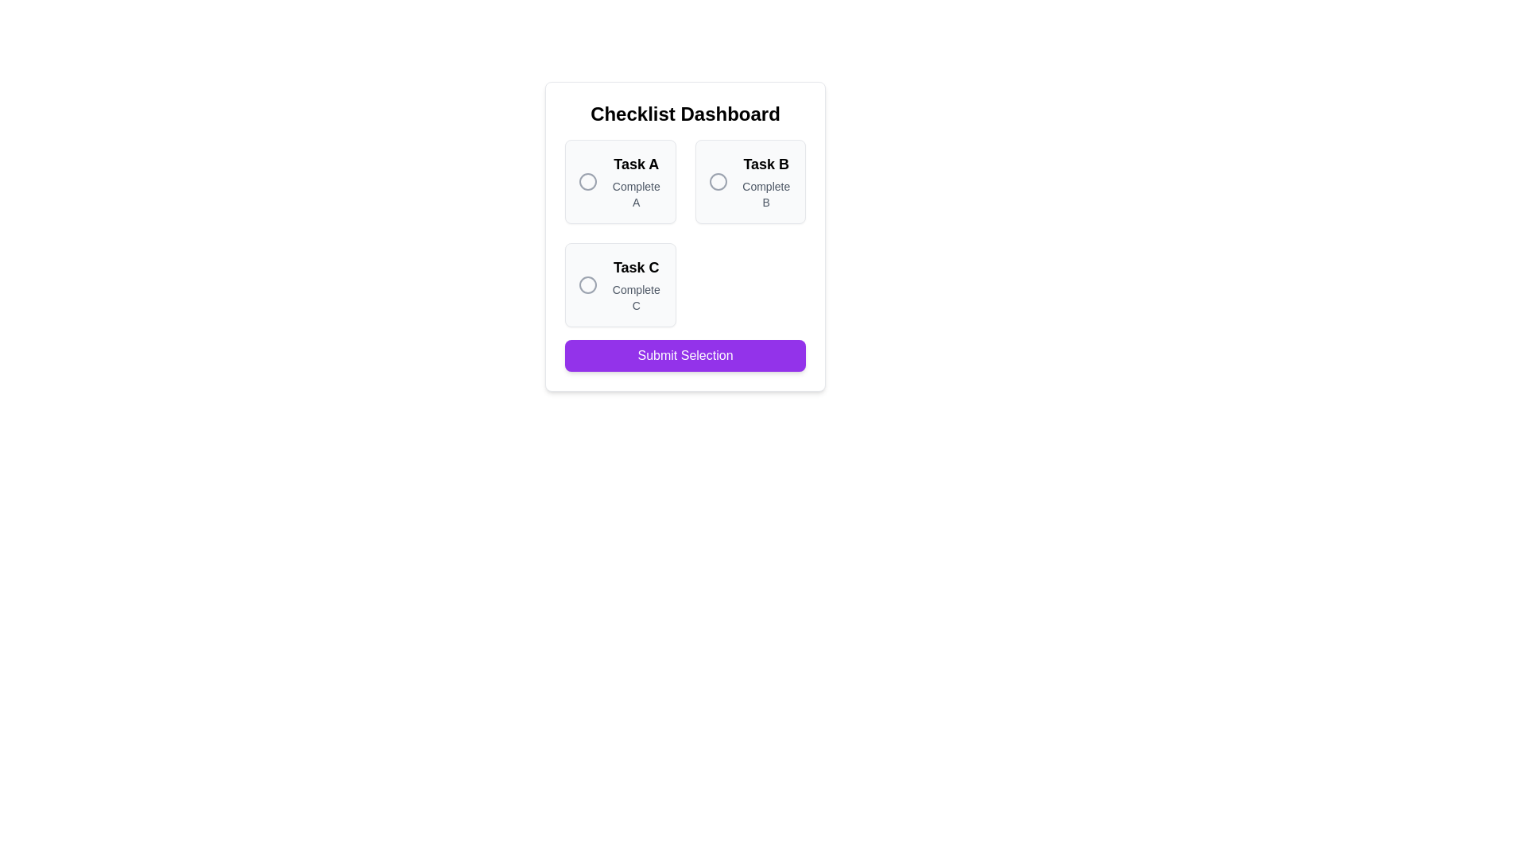 Image resolution: width=1526 pixels, height=858 pixels. I want to click on the 'Task B' checkbox text label, so click(749, 180).